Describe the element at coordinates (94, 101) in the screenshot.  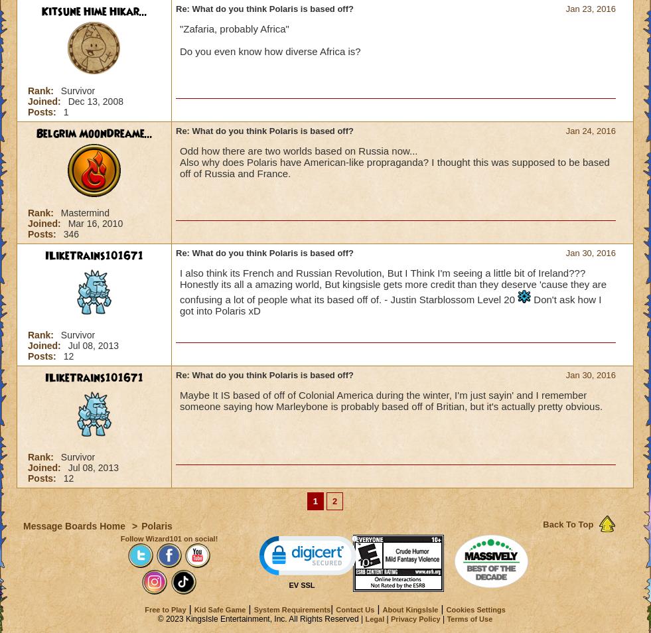
I see `'Dec 13, 2008'` at that location.